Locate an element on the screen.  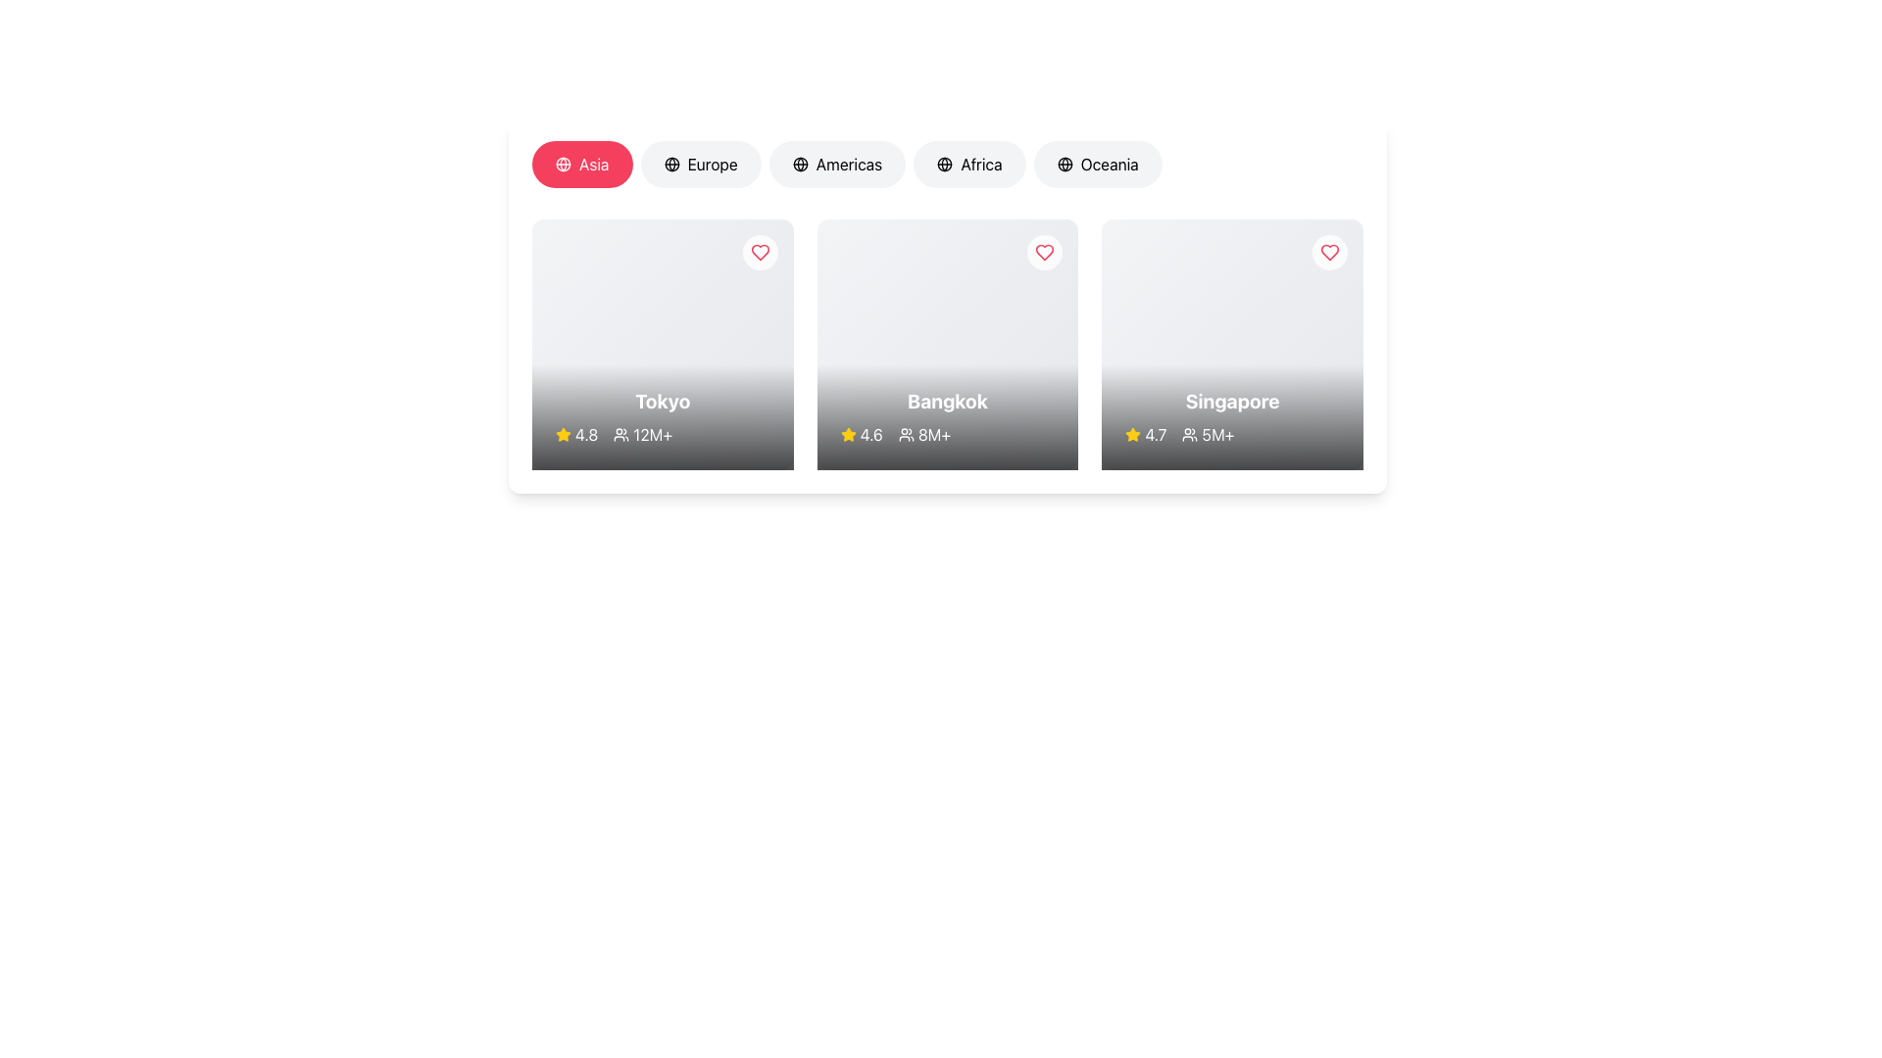
the 'Africa' text label within its button is located at coordinates (981, 164).